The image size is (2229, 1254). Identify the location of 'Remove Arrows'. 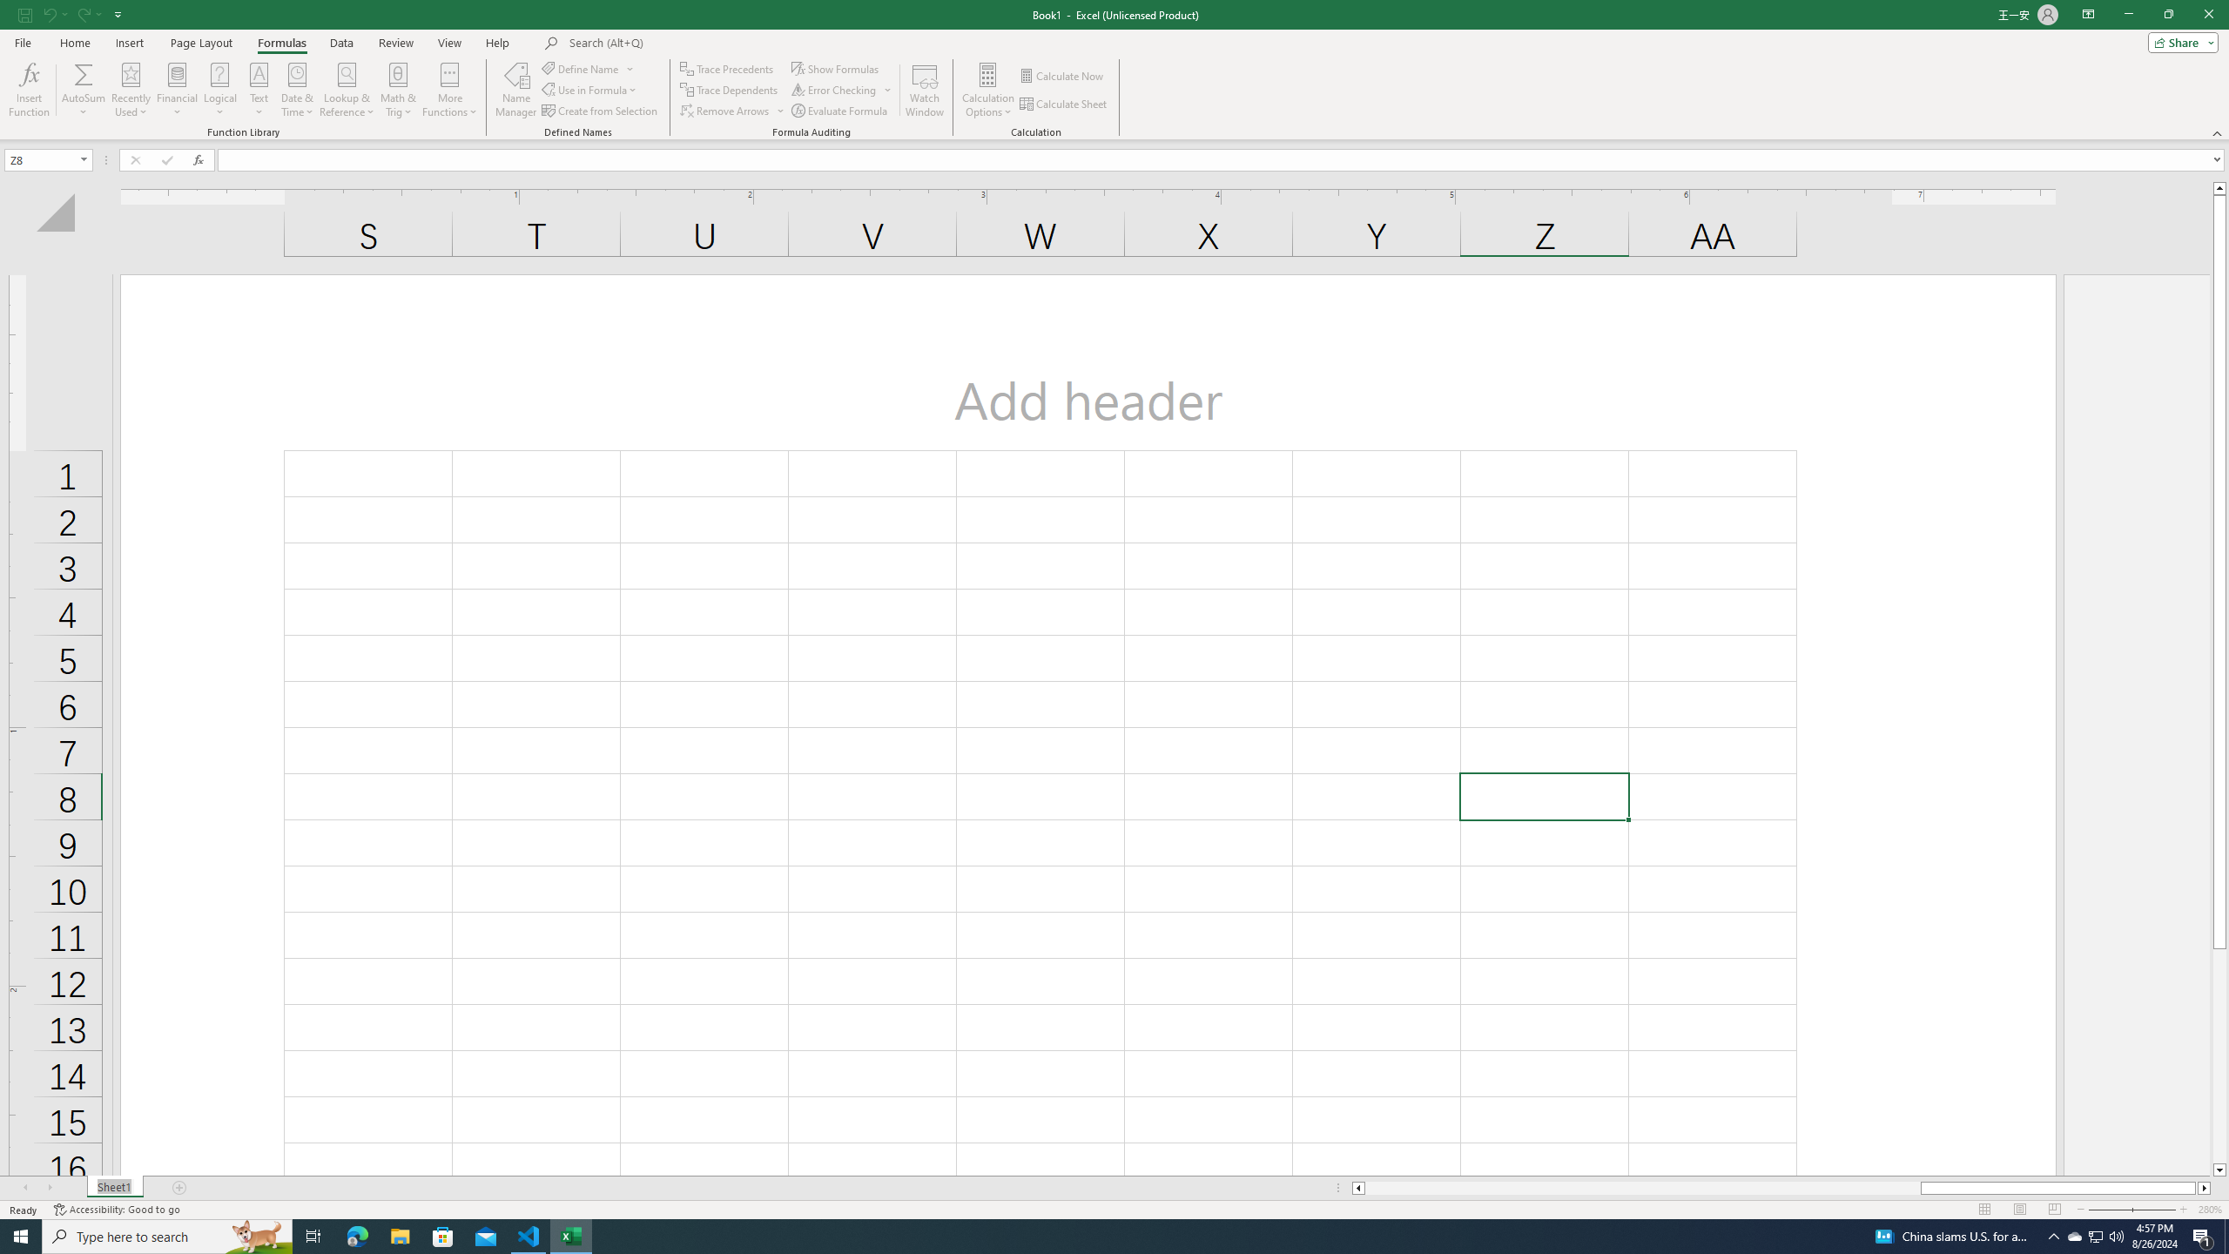
(732, 111).